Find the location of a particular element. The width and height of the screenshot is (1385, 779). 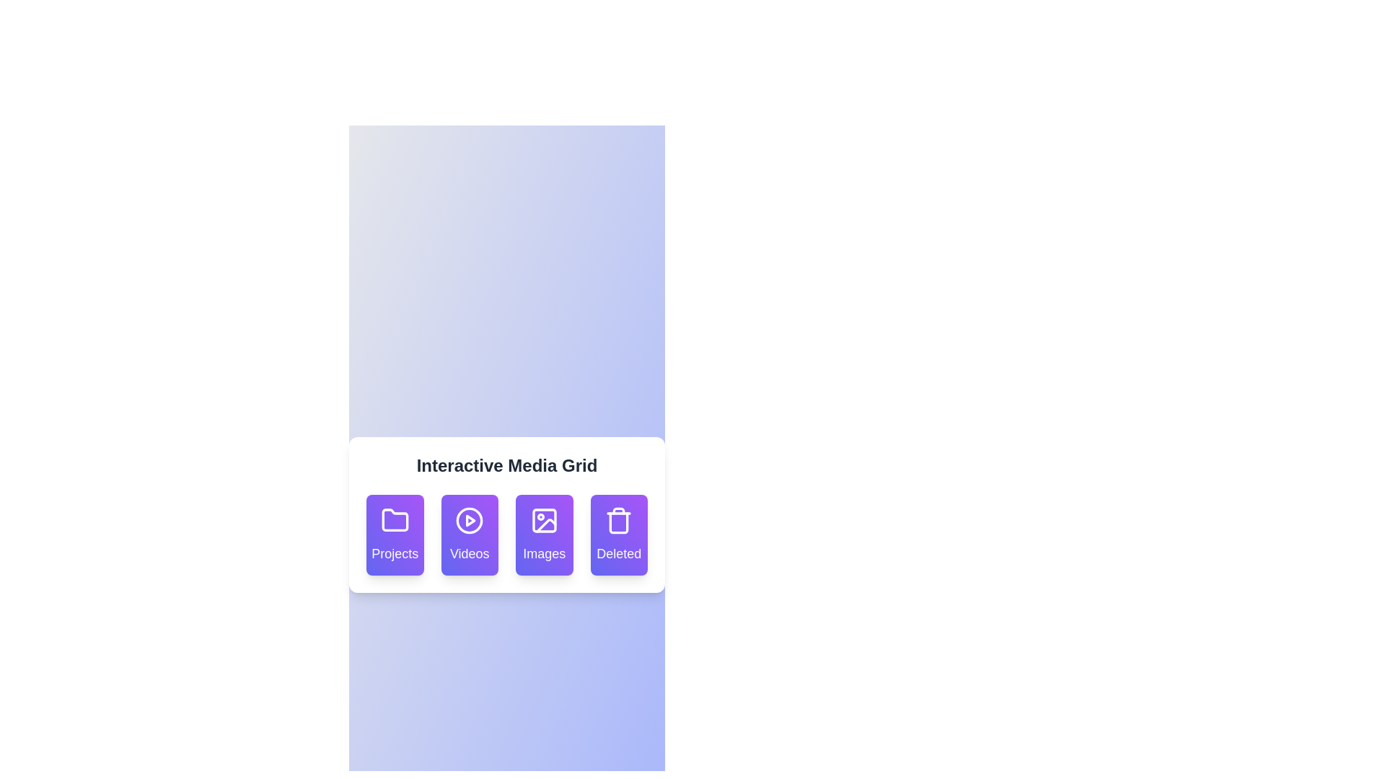

the circular graphical element indicating the 'Videos' functionality, located in the second card from the left in a horizontal grid of four cards is located at coordinates (470, 520).